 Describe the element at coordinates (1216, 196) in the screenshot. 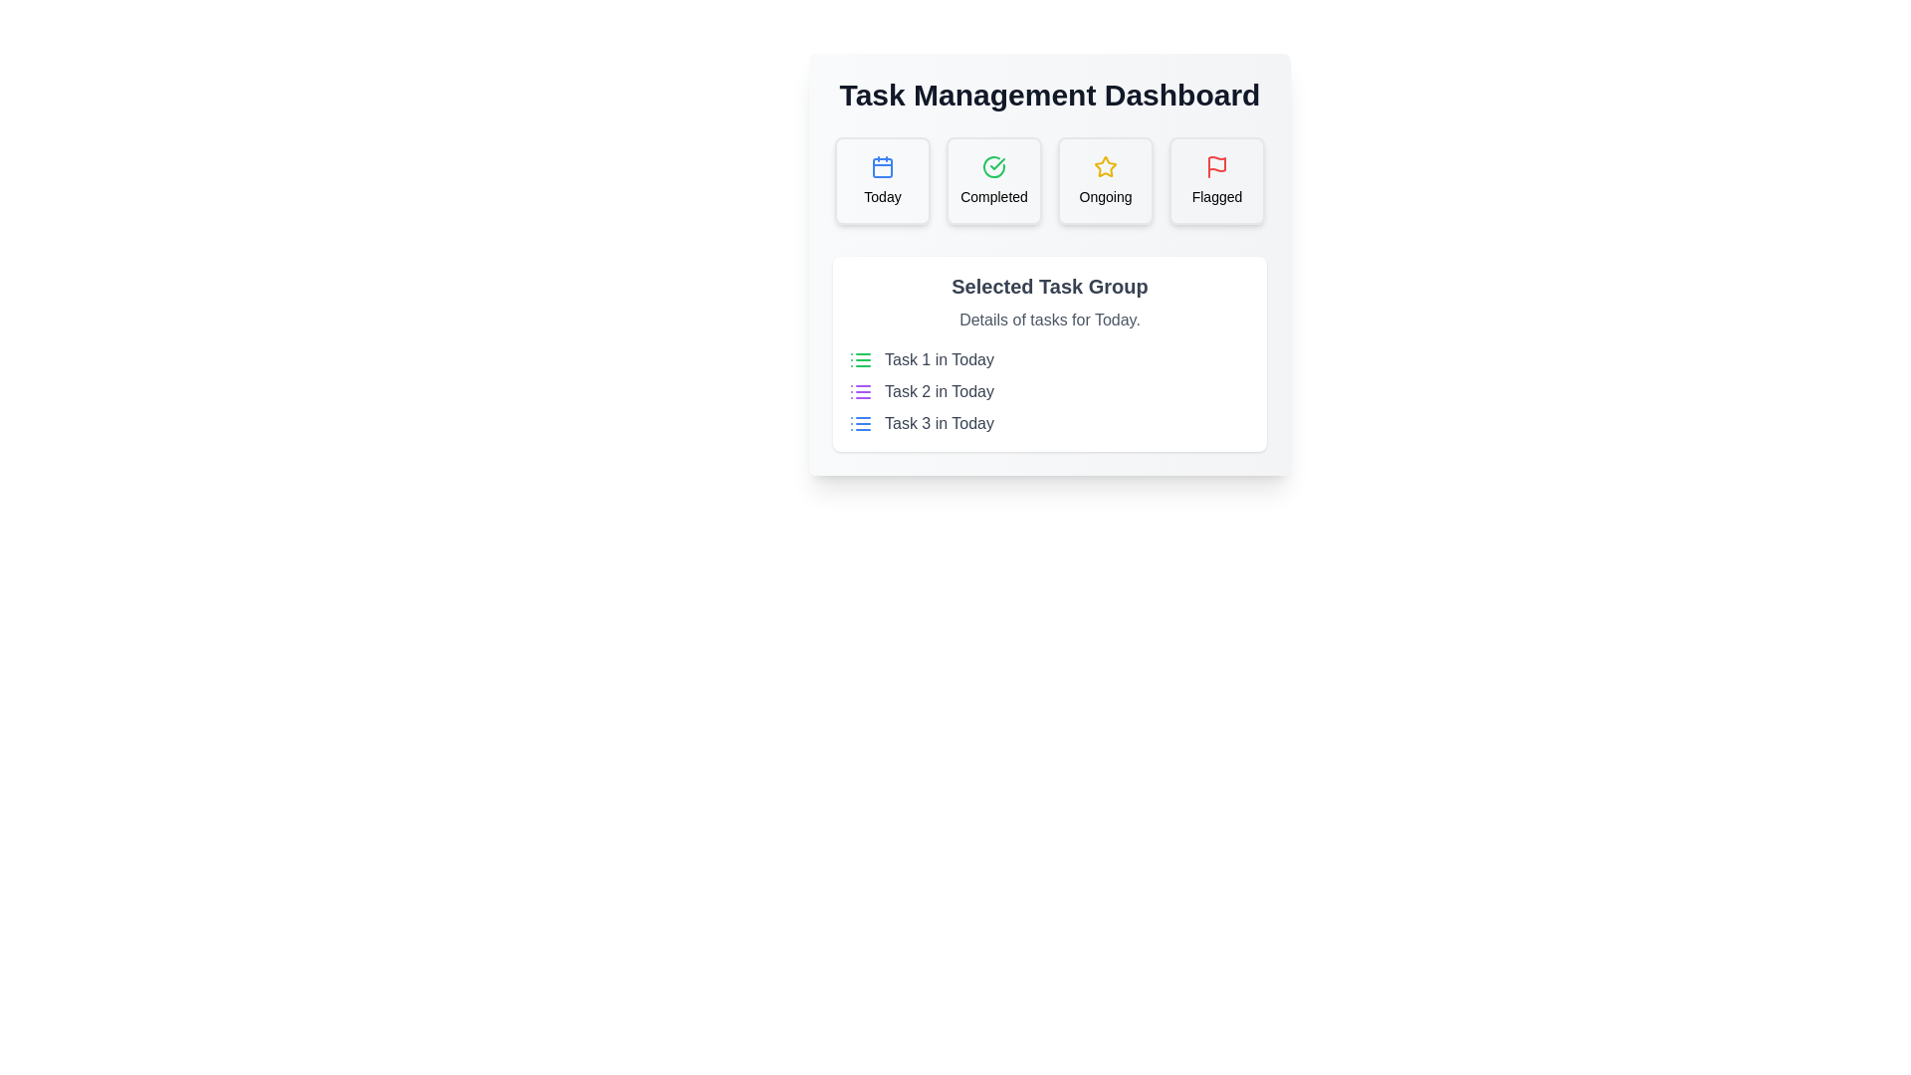

I see `the 'Flagged' text label located in the fourth interactive card of the dashboard, which is styled in a smaller font and positioned below a flag icon` at that location.